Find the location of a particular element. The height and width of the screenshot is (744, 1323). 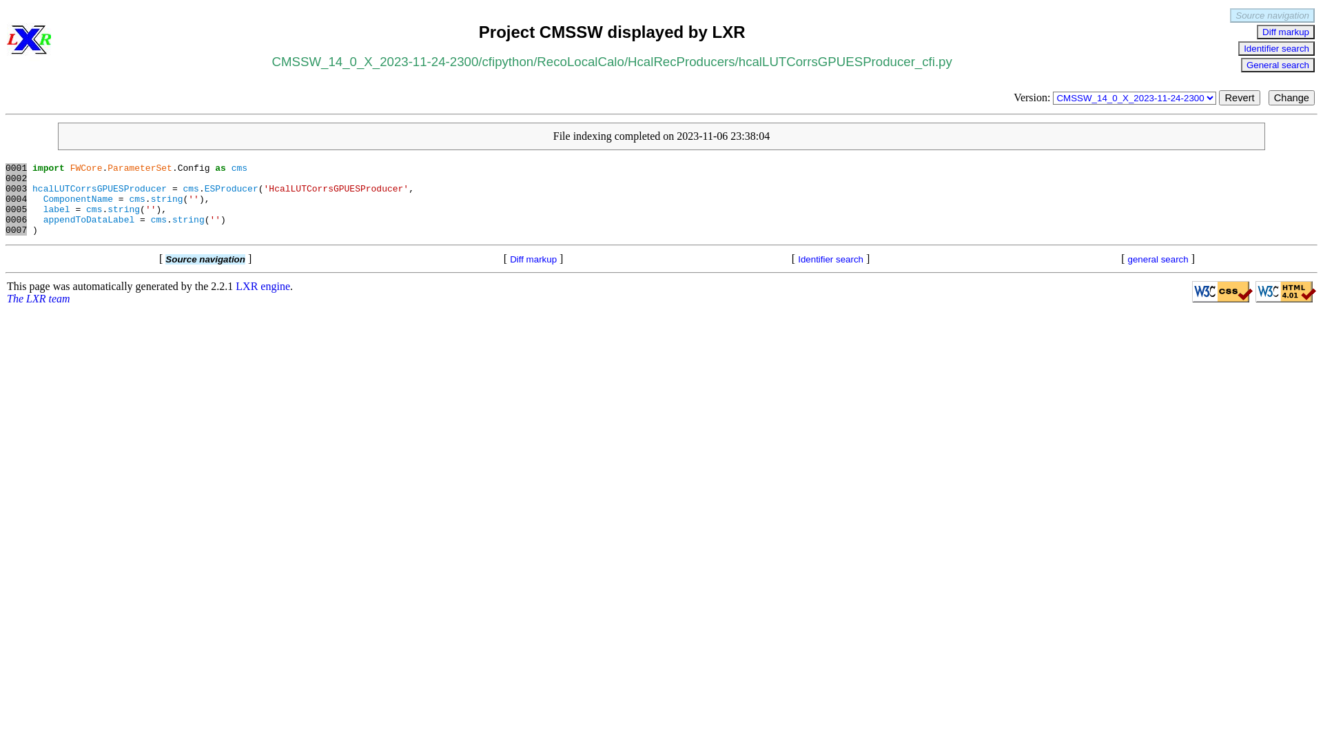

'RecoLocalCalo' is located at coordinates (580, 61).